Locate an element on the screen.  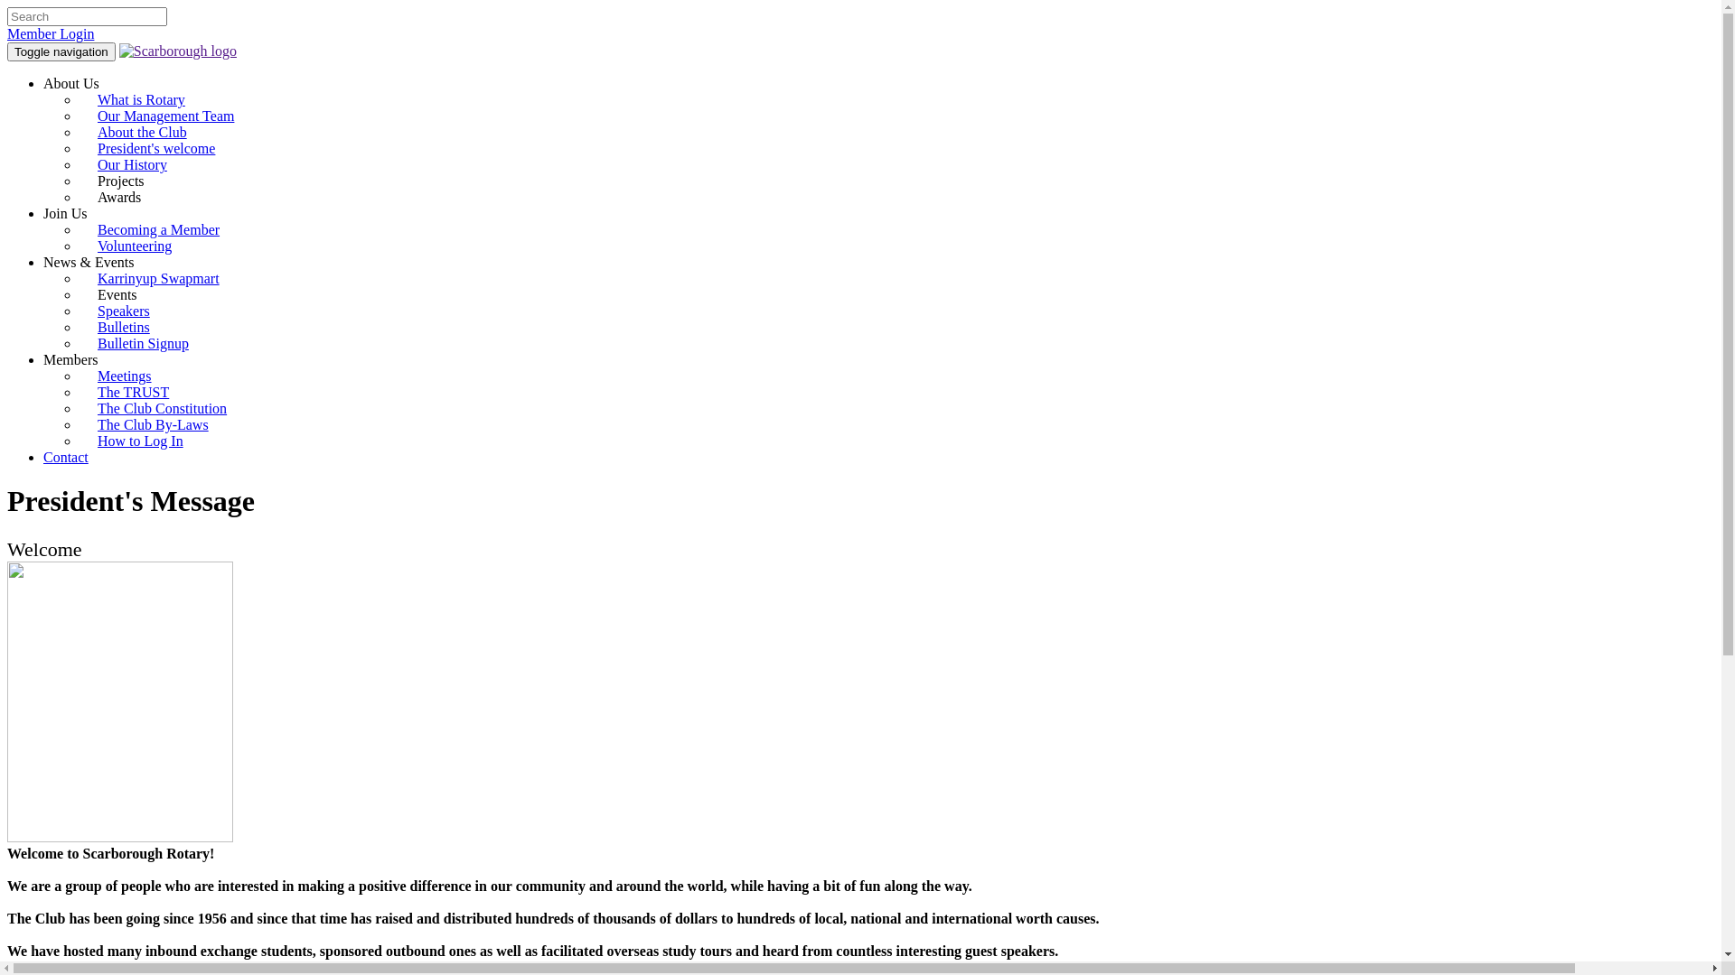
'President's welcome' is located at coordinates (155, 147).